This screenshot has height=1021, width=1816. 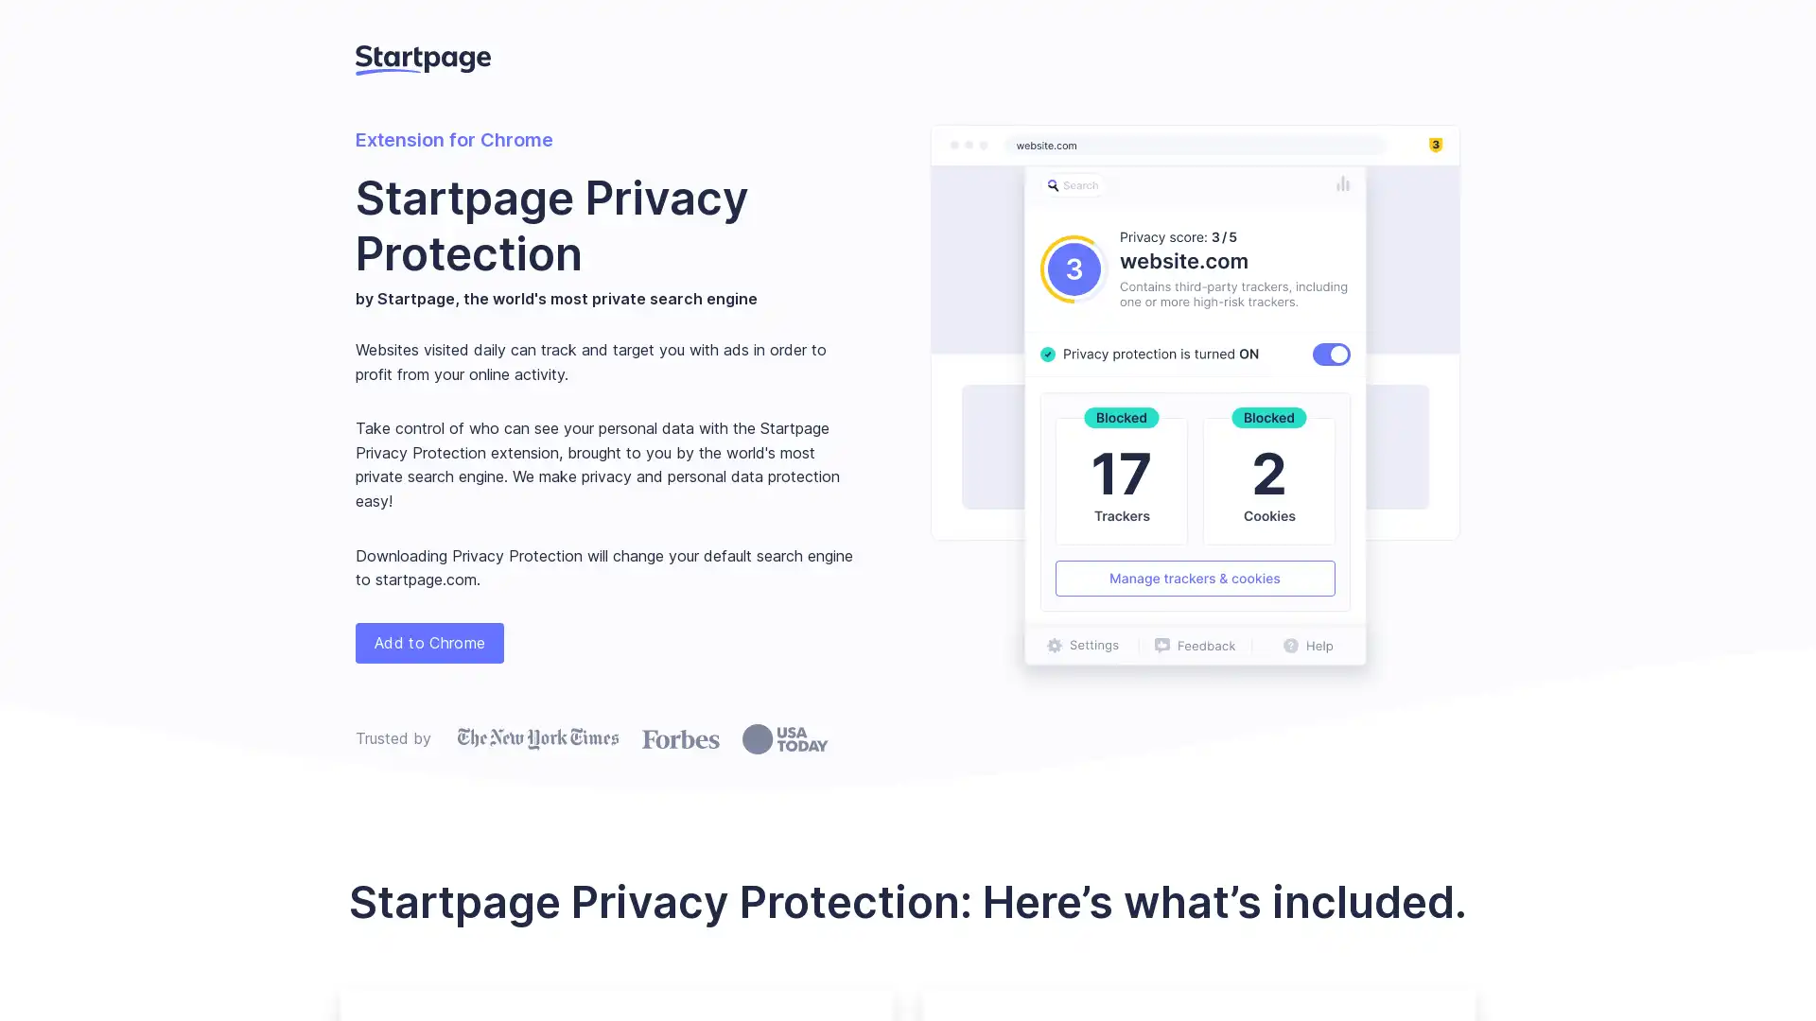 What do you see at coordinates (428, 641) in the screenshot?
I see `Add to Firefox` at bounding box center [428, 641].